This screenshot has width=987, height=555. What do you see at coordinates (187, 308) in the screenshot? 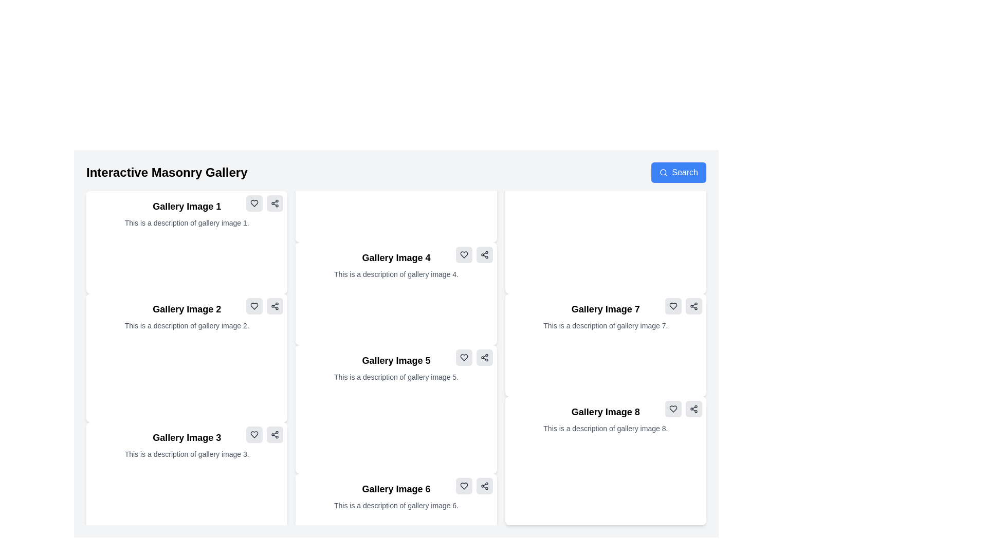
I see `text content of the label that displays 'Gallery Image 2', which is prominently styled and located at the top of the corresponding description box` at bounding box center [187, 308].